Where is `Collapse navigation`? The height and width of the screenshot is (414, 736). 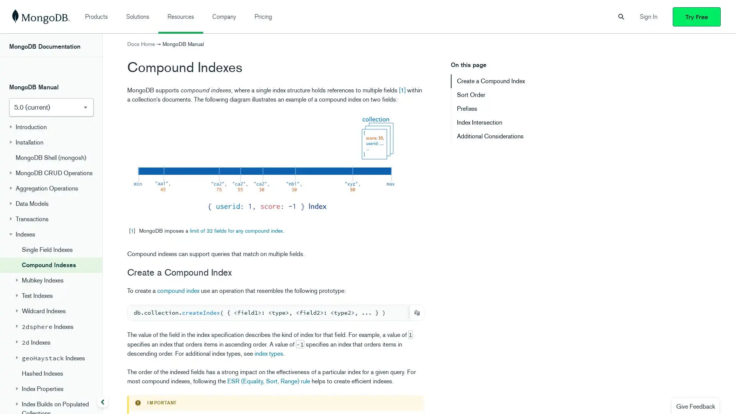 Collapse navigation is located at coordinates (102, 401).